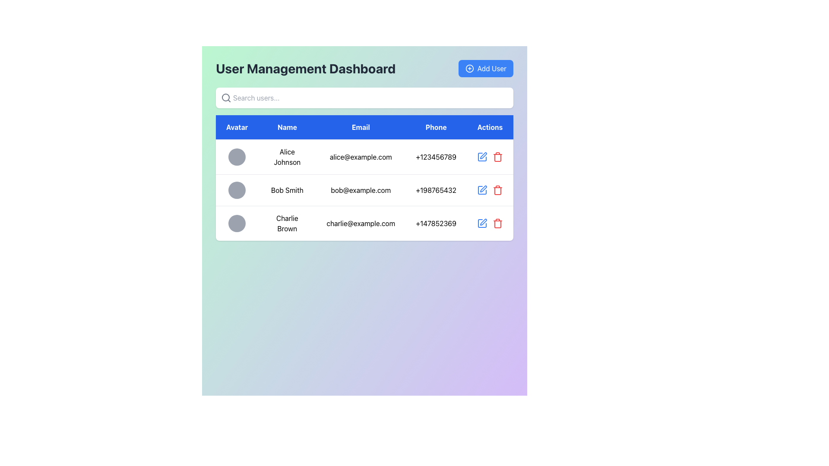  What do you see at coordinates (482, 189) in the screenshot?
I see `the blue pencil icon representing the 'edit' action in the actions column for the user with the email 'bob@example.com'` at bounding box center [482, 189].